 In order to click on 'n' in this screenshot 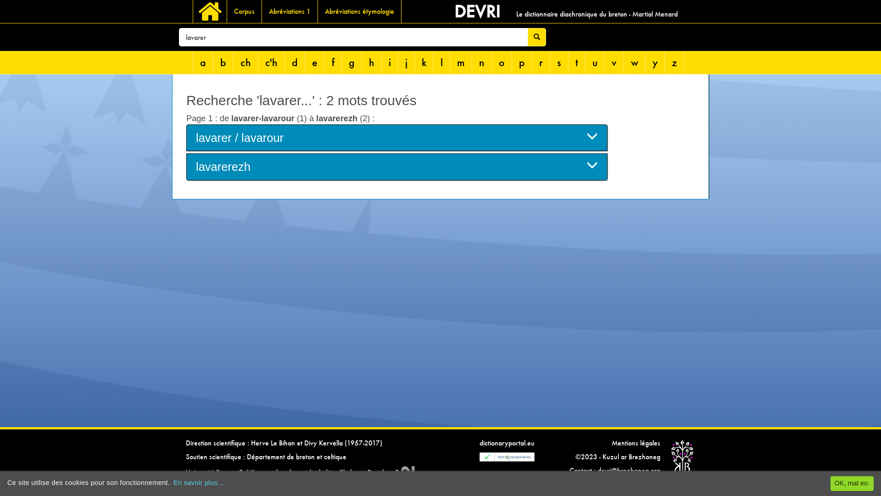, I will do `click(481, 62)`.